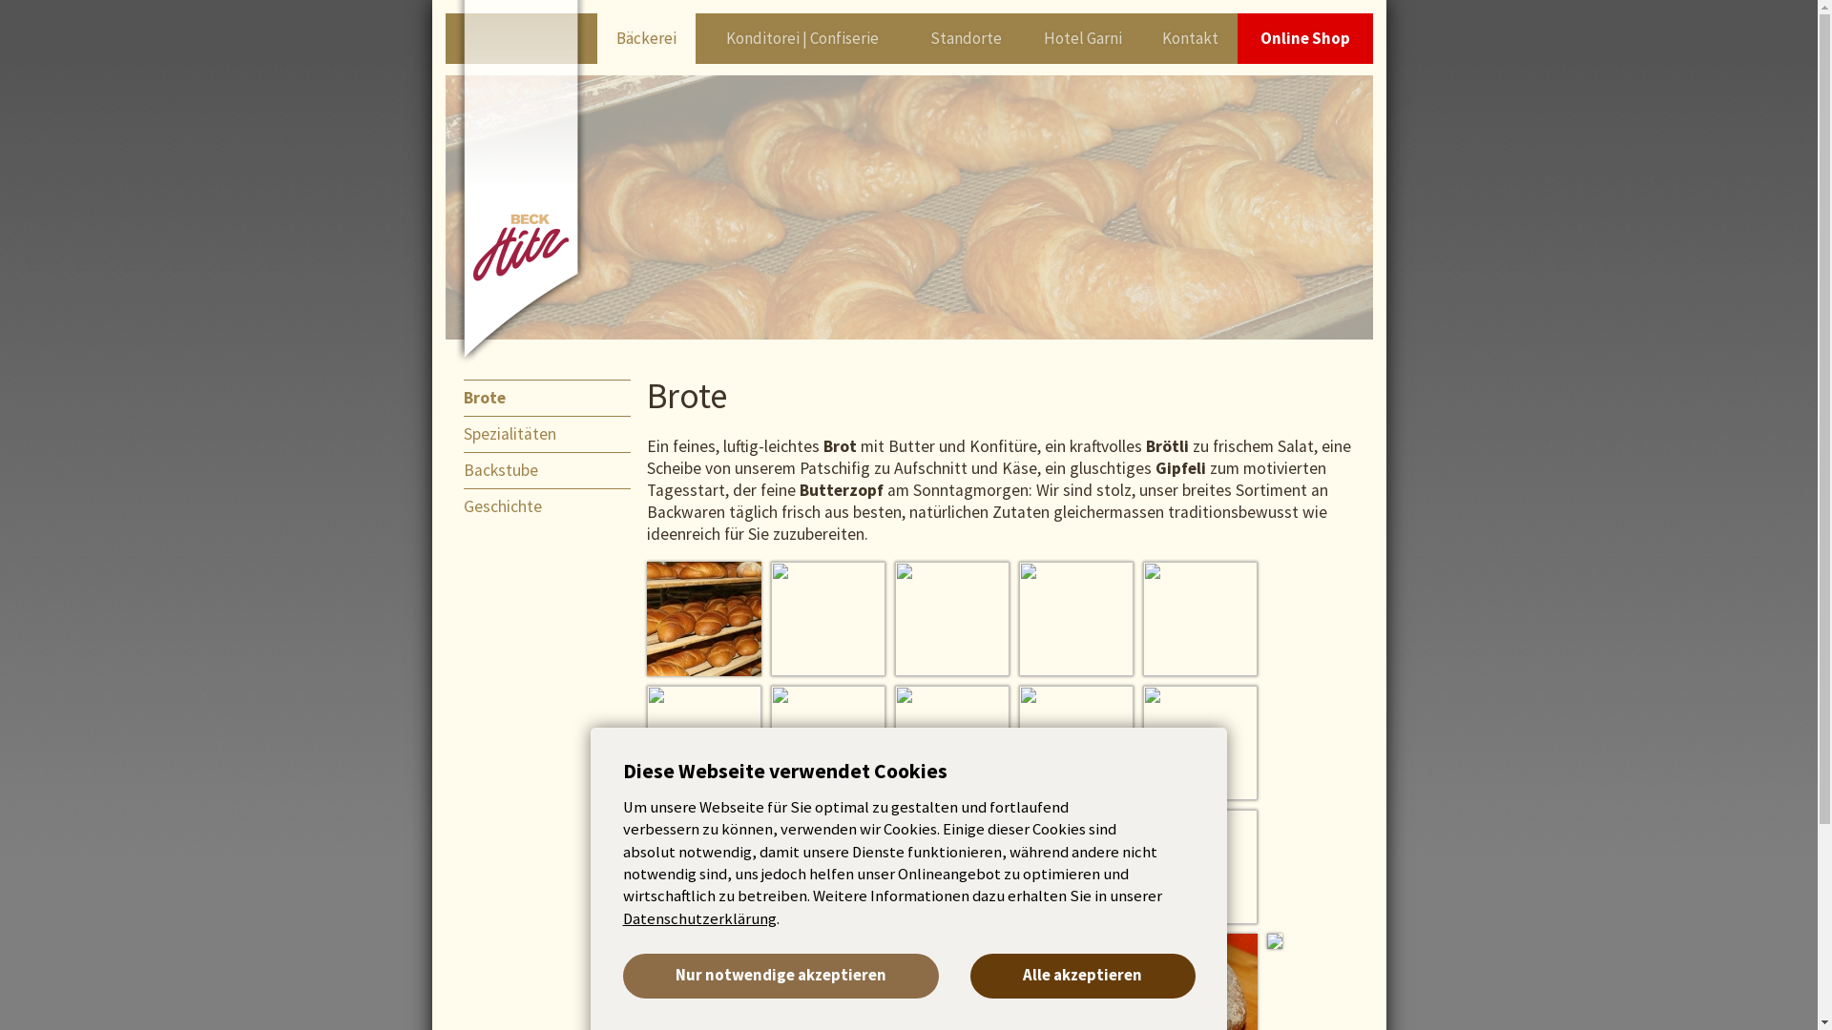 The image size is (1832, 1030). I want to click on 'Standorte', so click(966, 38).